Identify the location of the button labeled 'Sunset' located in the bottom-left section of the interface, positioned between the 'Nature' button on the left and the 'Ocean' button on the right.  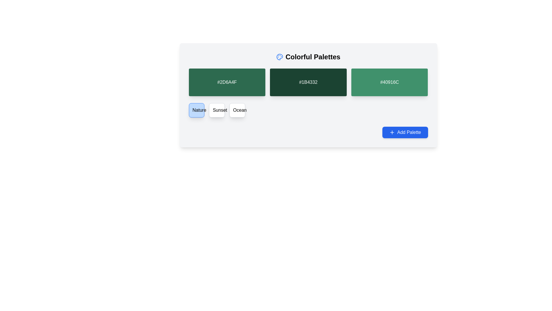
(216, 110).